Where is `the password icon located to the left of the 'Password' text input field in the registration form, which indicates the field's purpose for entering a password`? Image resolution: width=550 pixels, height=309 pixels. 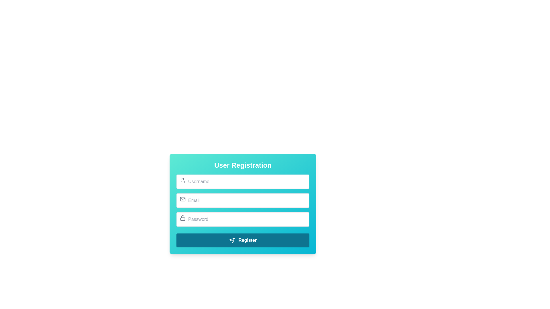 the password icon located to the left of the 'Password' text input field in the registration form, which indicates the field's purpose for entering a password is located at coordinates (182, 218).